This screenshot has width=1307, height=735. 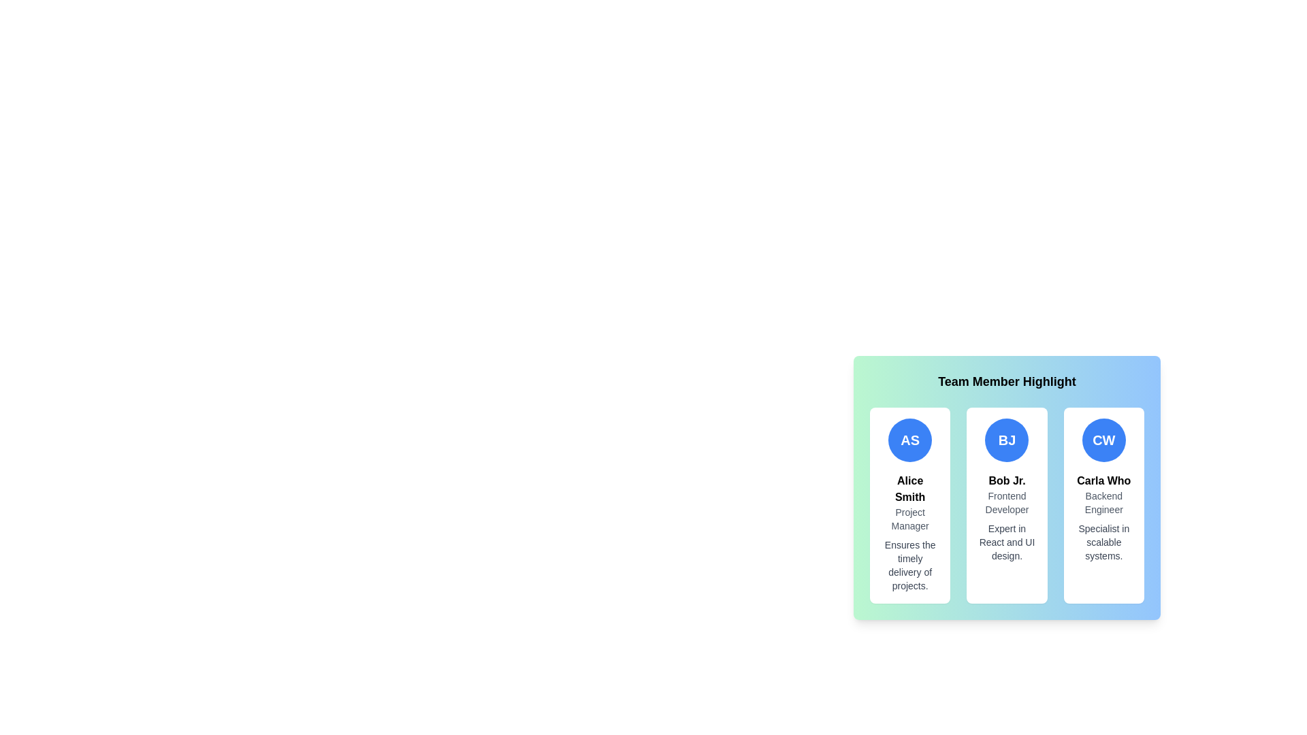 I want to click on text content of the label indicating 'Carla Who's professional title, located at the center of her profile card, which is the rightmost among three team member profiles, so click(x=1103, y=503).